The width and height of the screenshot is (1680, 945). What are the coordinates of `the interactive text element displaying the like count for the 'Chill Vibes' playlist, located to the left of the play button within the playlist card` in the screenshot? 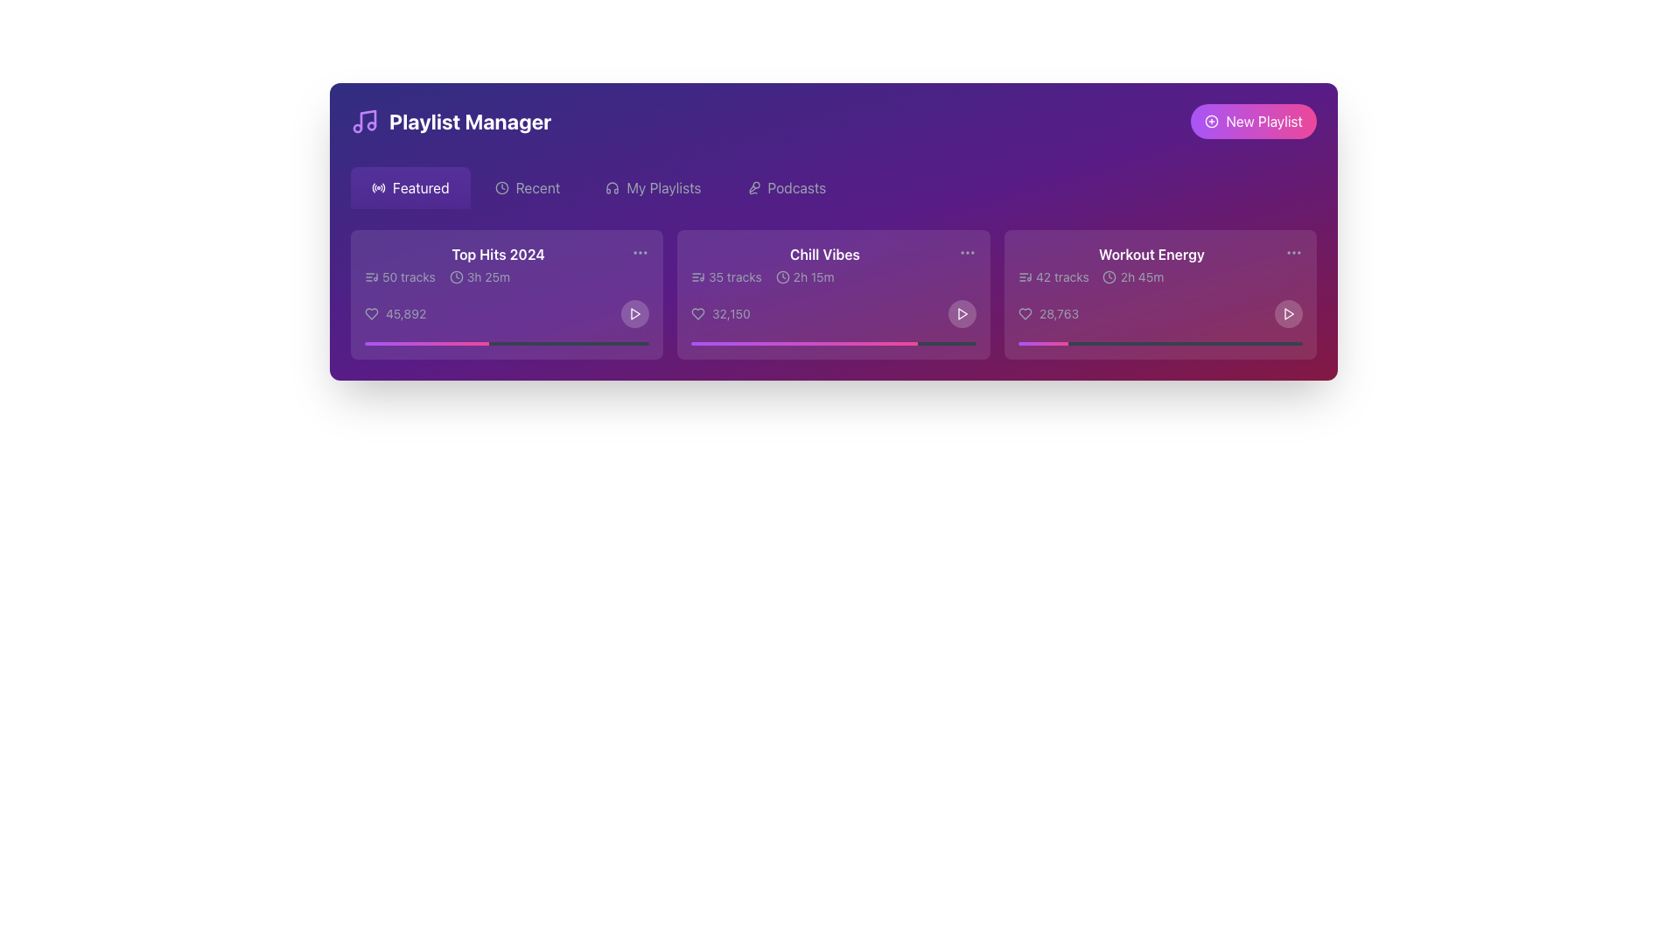 It's located at (721, 312).